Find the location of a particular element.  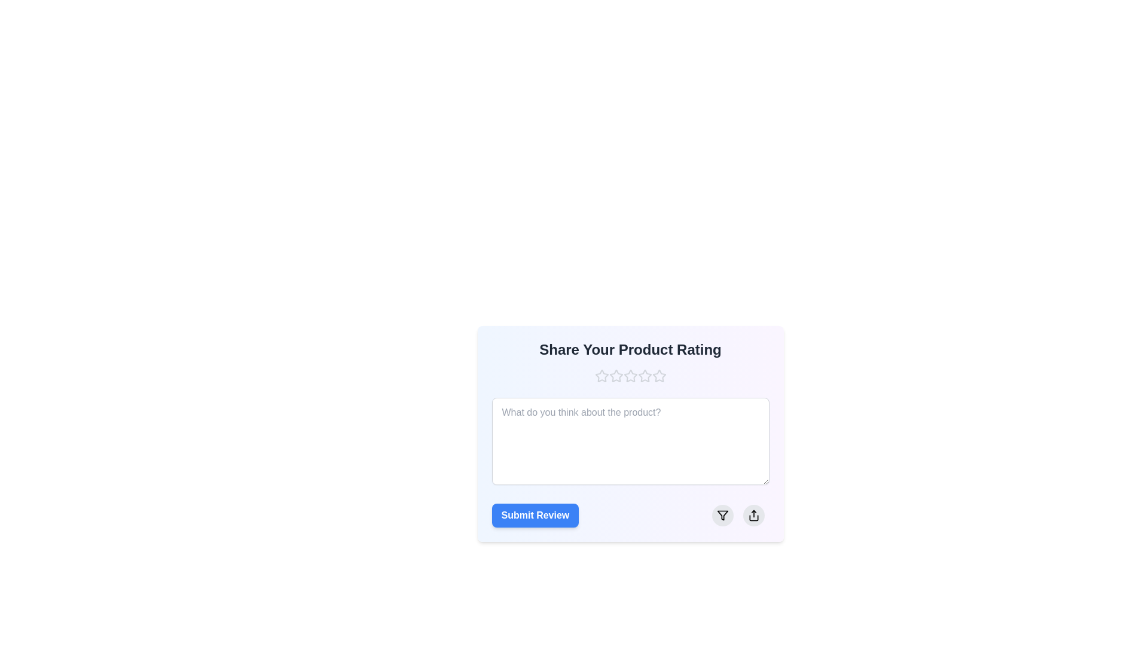

the second unfilled star icon with a gray outline and a white fill, located below the 'Share Your Product Rating' text is located at coordinates (616, 375).